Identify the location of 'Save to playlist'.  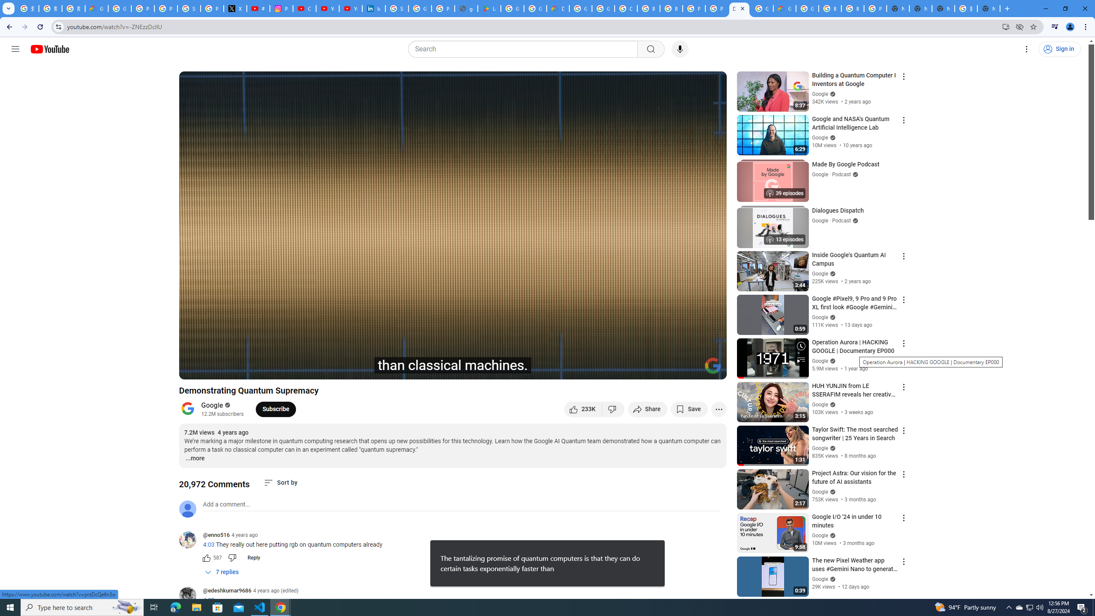
(689, 409).